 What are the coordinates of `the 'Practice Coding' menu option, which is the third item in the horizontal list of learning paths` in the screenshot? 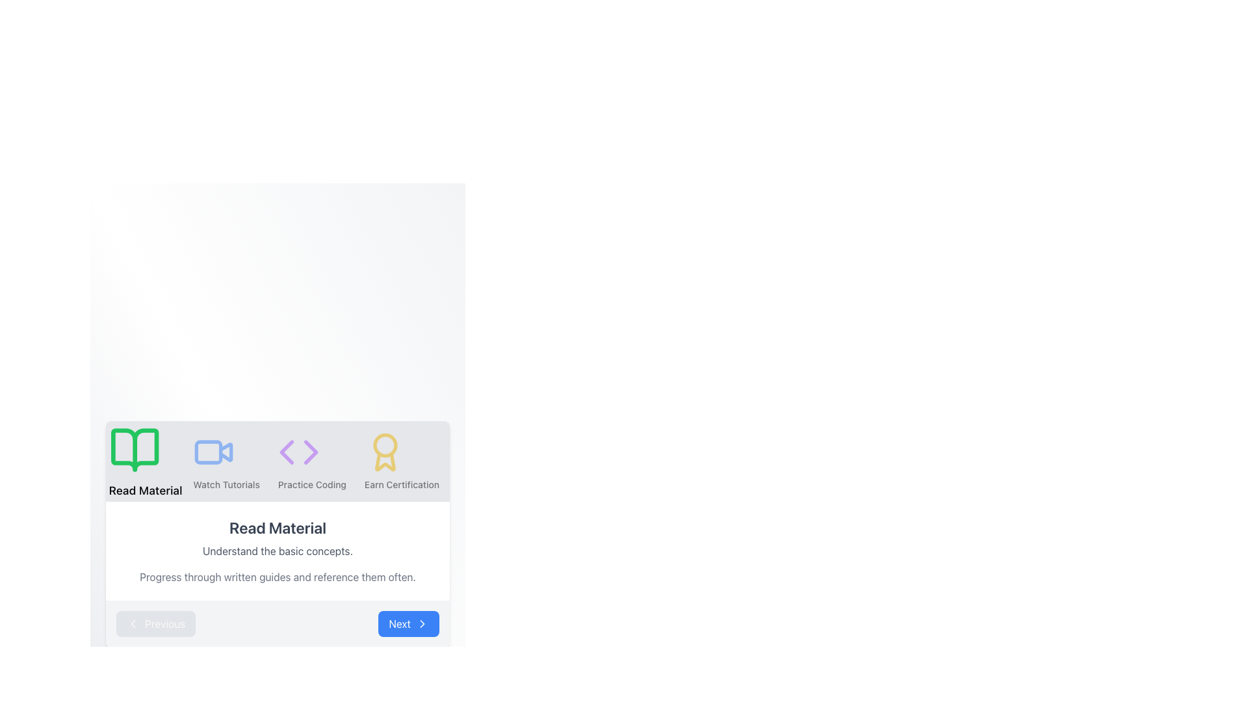 It's located at (312, 460).